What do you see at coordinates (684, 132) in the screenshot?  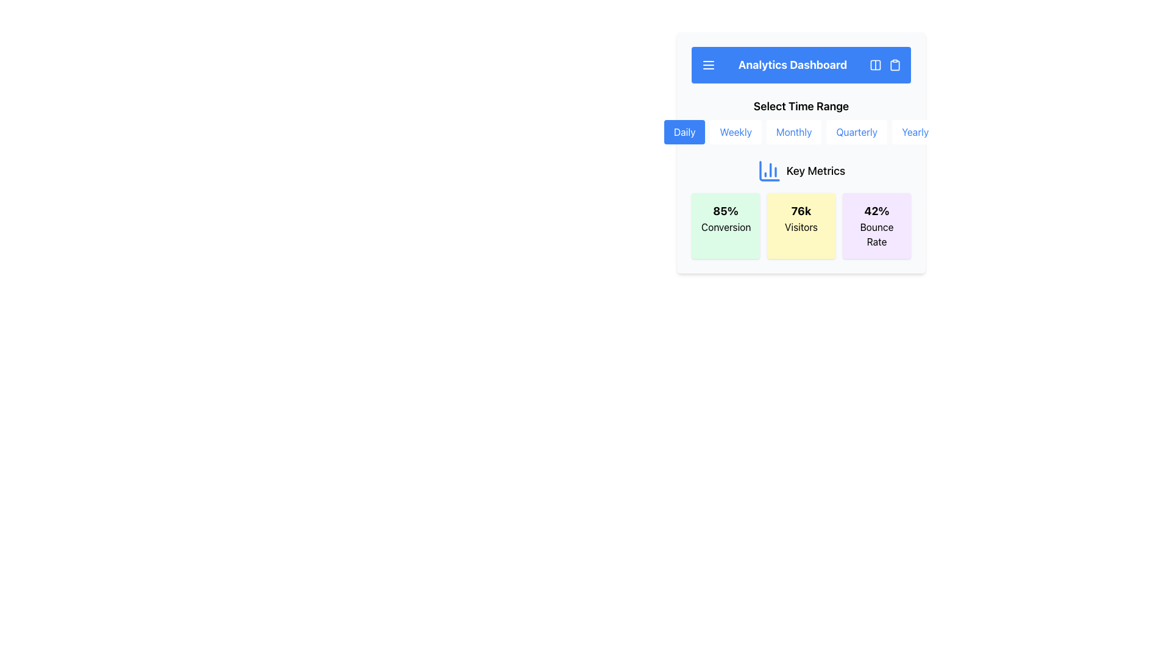 I see `the 'Daily' button, which is a rectangular button with rounded edges, styled with a blue background and white text, positioned first in a horizontal stack of five buttons below the 'Select Time Range' header` at bounding box center [684, 132].